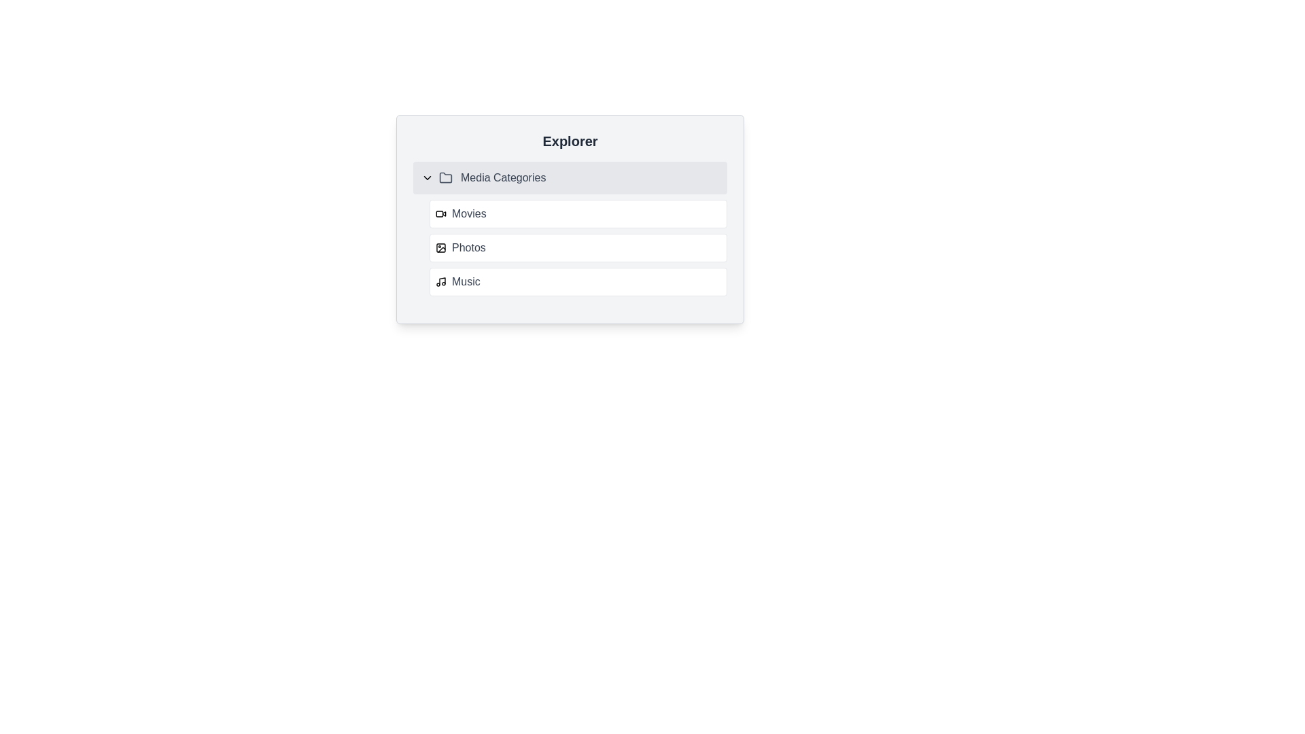 The width and height of the screenshot is (1305, 734). What do you see at coordinates (502, 177) in the screenshot?
I see `the text label displaying 'Media Categories', which is styled with medium font weight and light gray color, located horizontally to the right of a folder icon and a dropdown arrow` at bounding box center [502, 177].